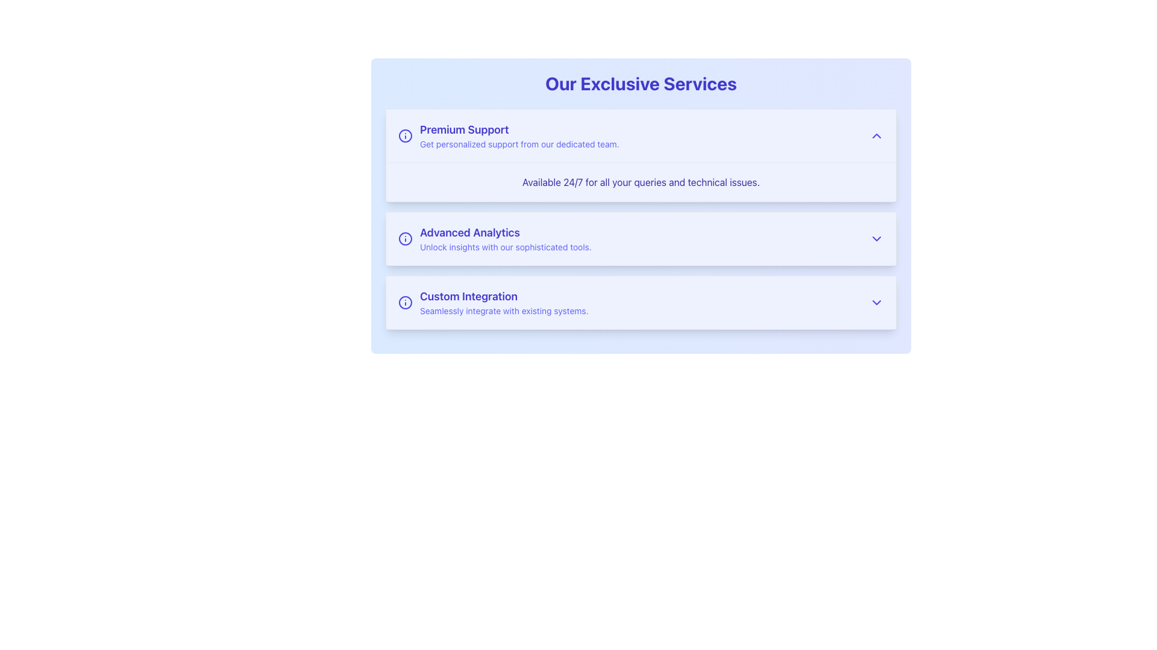  Describe the element at coordinates (641, 302) in the screenshot. I see `the third collapsible list item representing 'Custom Integration'` at that location.